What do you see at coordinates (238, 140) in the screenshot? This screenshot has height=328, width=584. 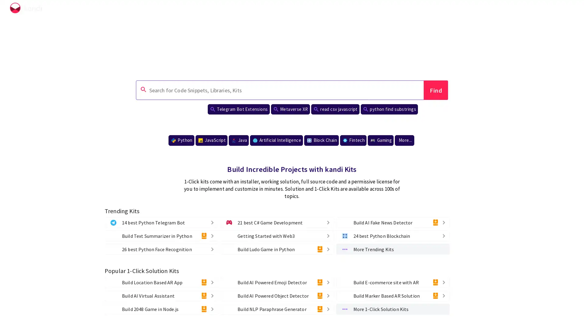 I see `java icon Java` at bounding box center [238, 140].